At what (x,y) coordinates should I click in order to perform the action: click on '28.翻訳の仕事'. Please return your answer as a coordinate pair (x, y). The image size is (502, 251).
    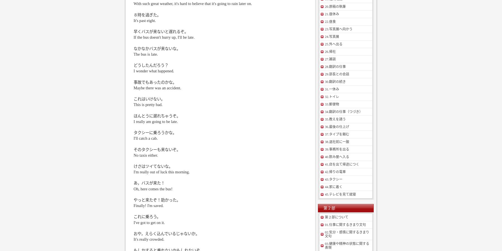
    Looking at the image, I should click on (335, 67).